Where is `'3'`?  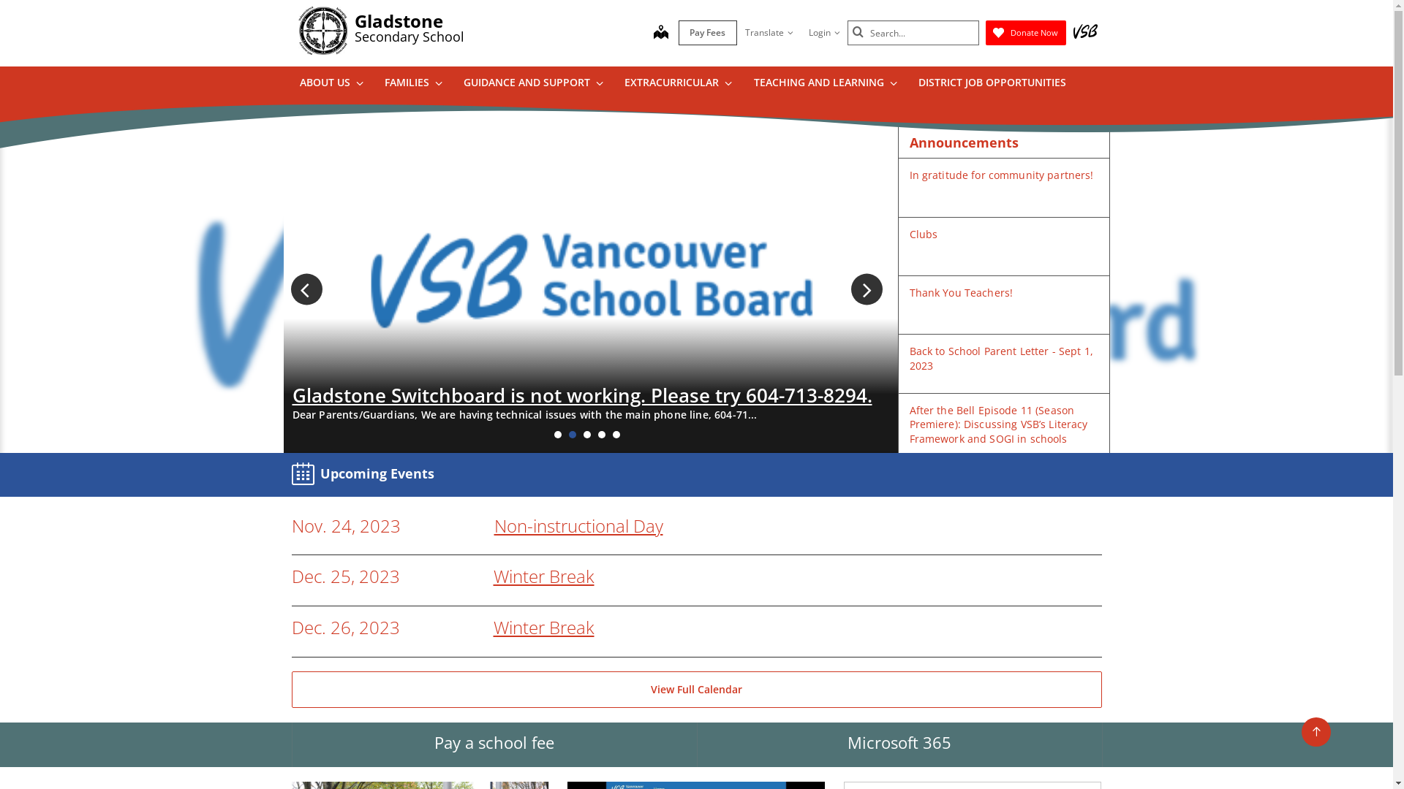
'3' is located at coordinates (586, 433).